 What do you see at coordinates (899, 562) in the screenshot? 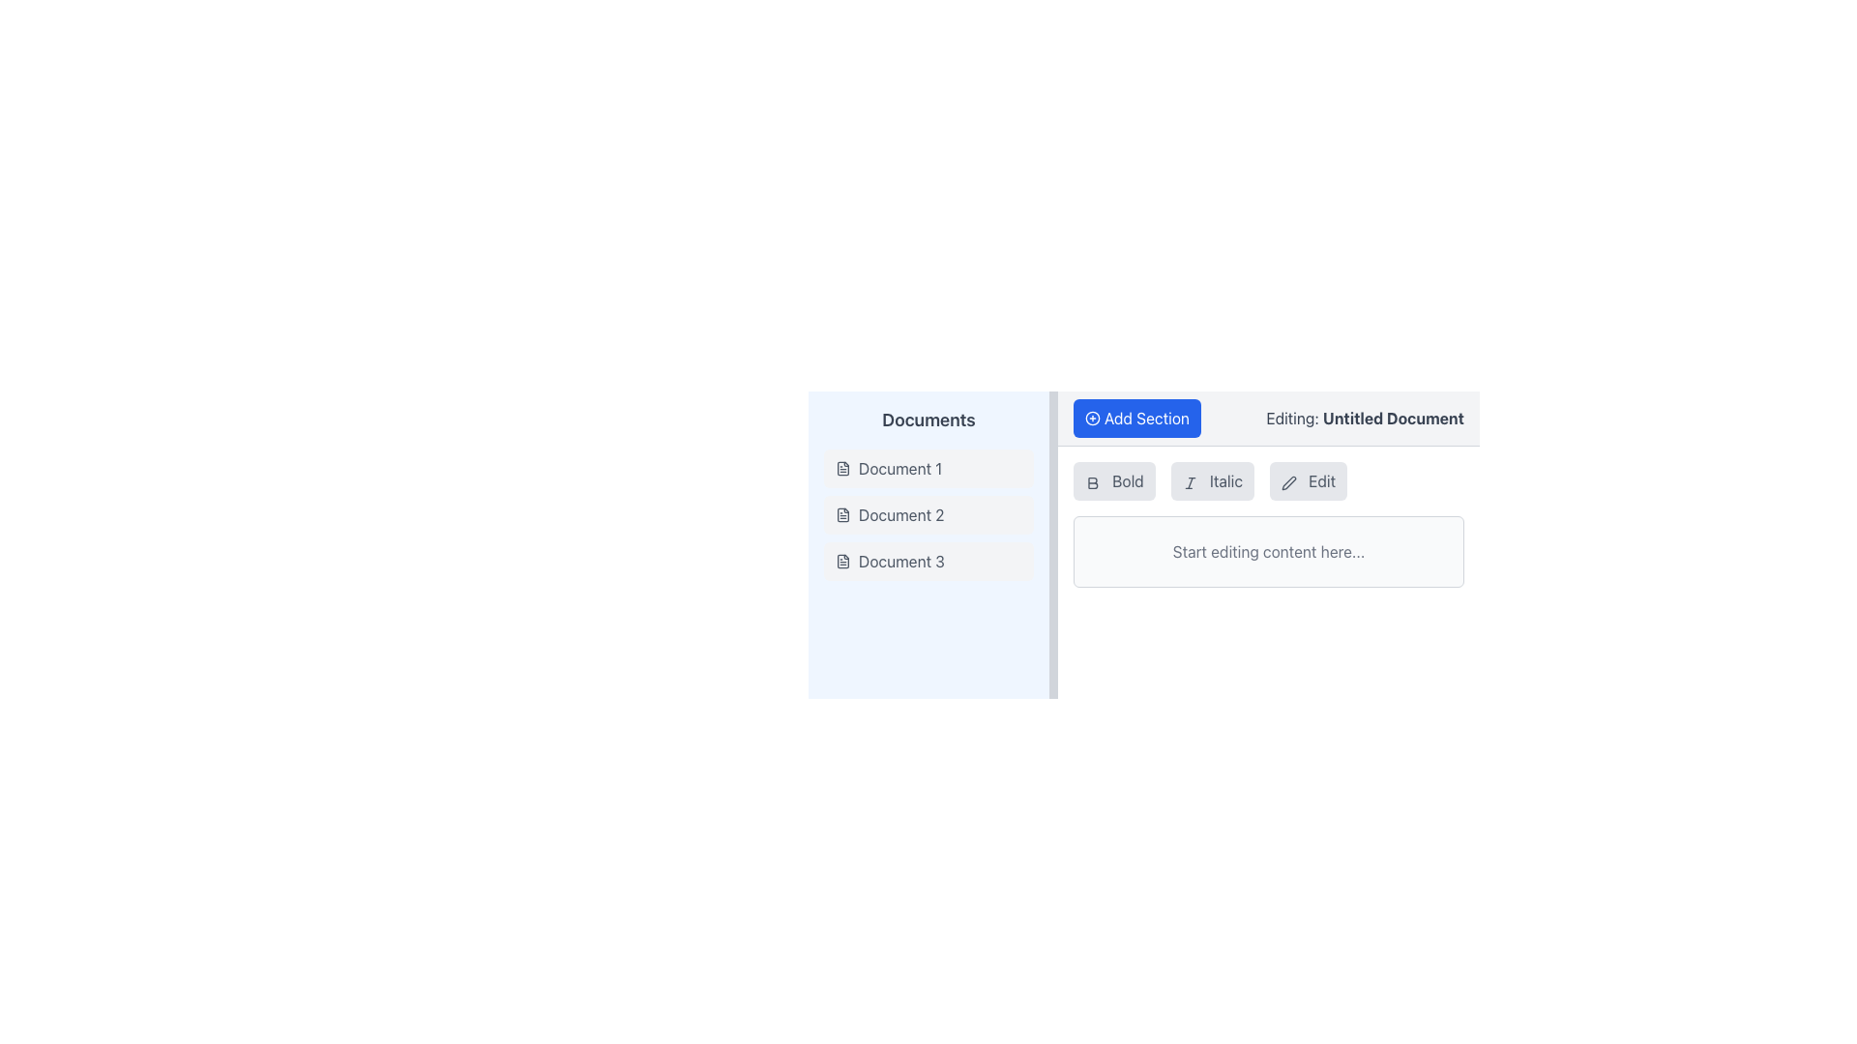
I see `the static text label representing the third document in the vertical list titled 'Documents'` at bounding box center [899, 562].